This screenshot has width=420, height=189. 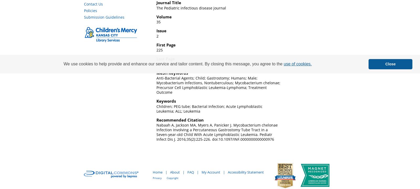 What do you see at coordinates (191, 172) in the screenshot?
I see `'FAQ'` at bounding box center [191, 172].